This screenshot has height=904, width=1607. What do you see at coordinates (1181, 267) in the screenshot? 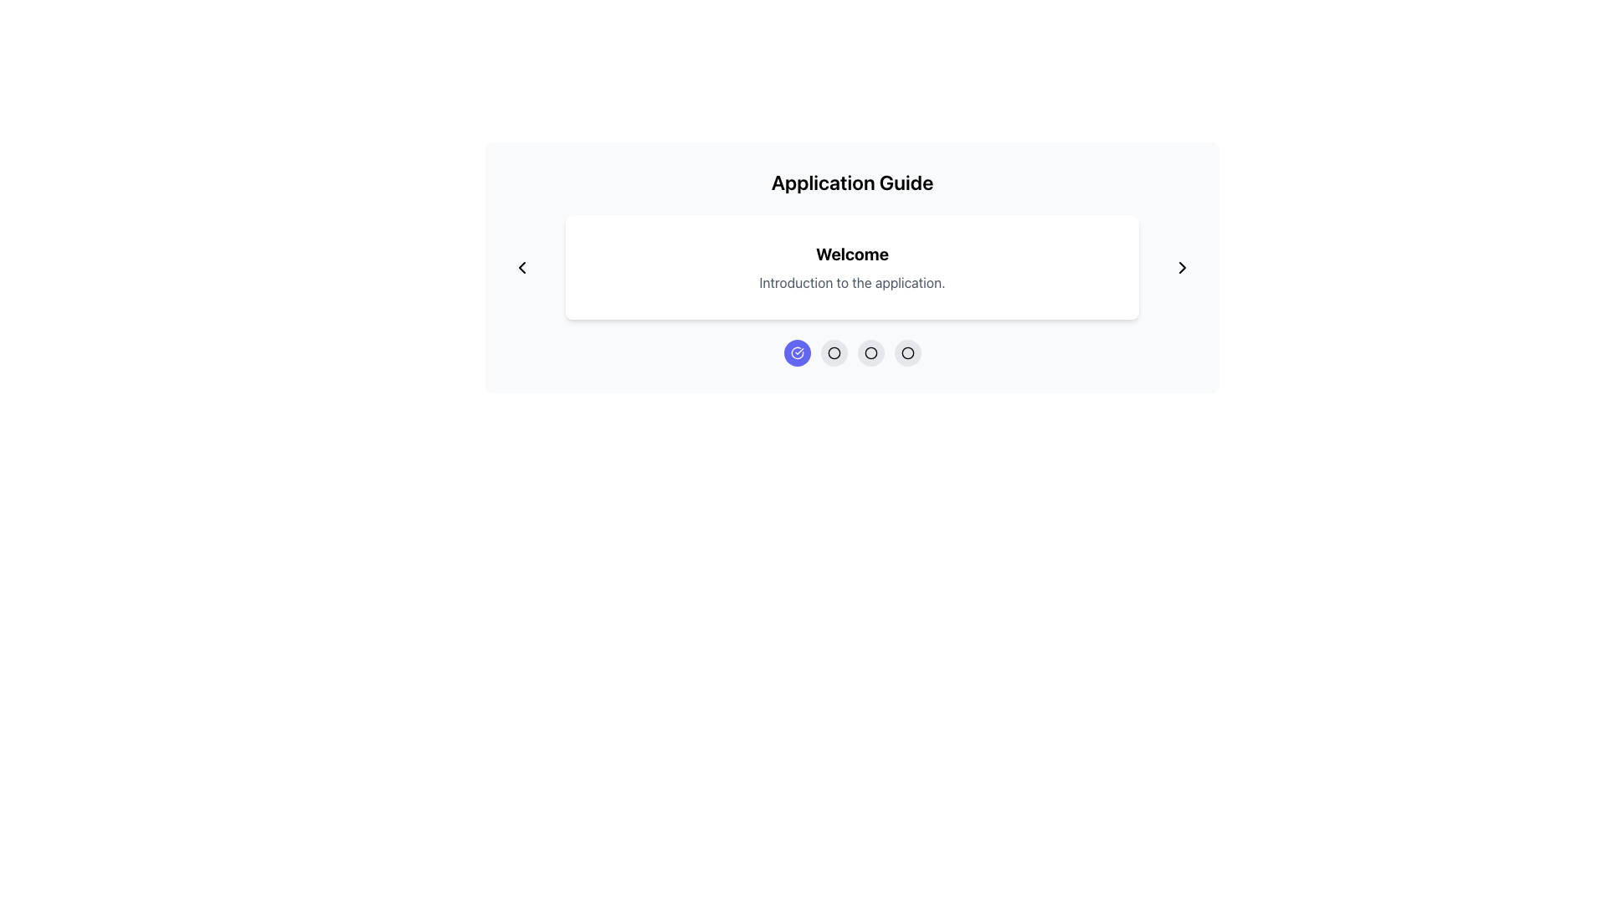
I see `the navigation button located at the rightmost edge of the layout group, adjacent to the 'Welcome' text card` at bounding box center [1181, 267].